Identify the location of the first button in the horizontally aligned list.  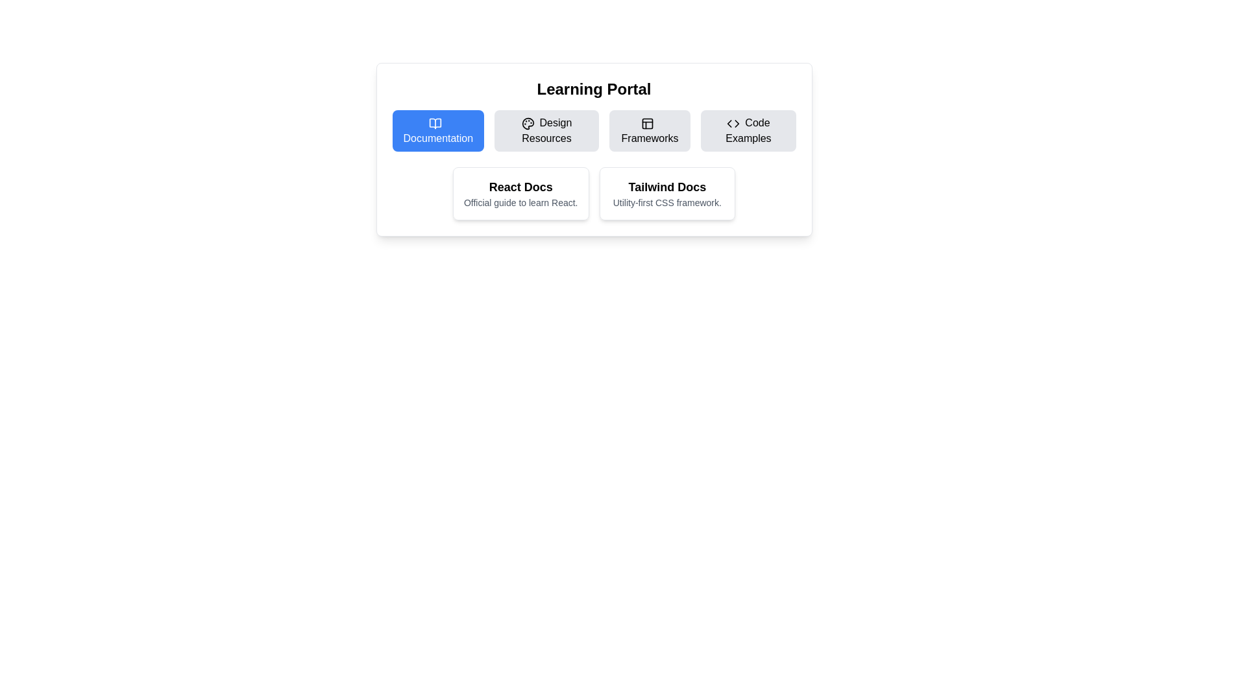
(438, 130).